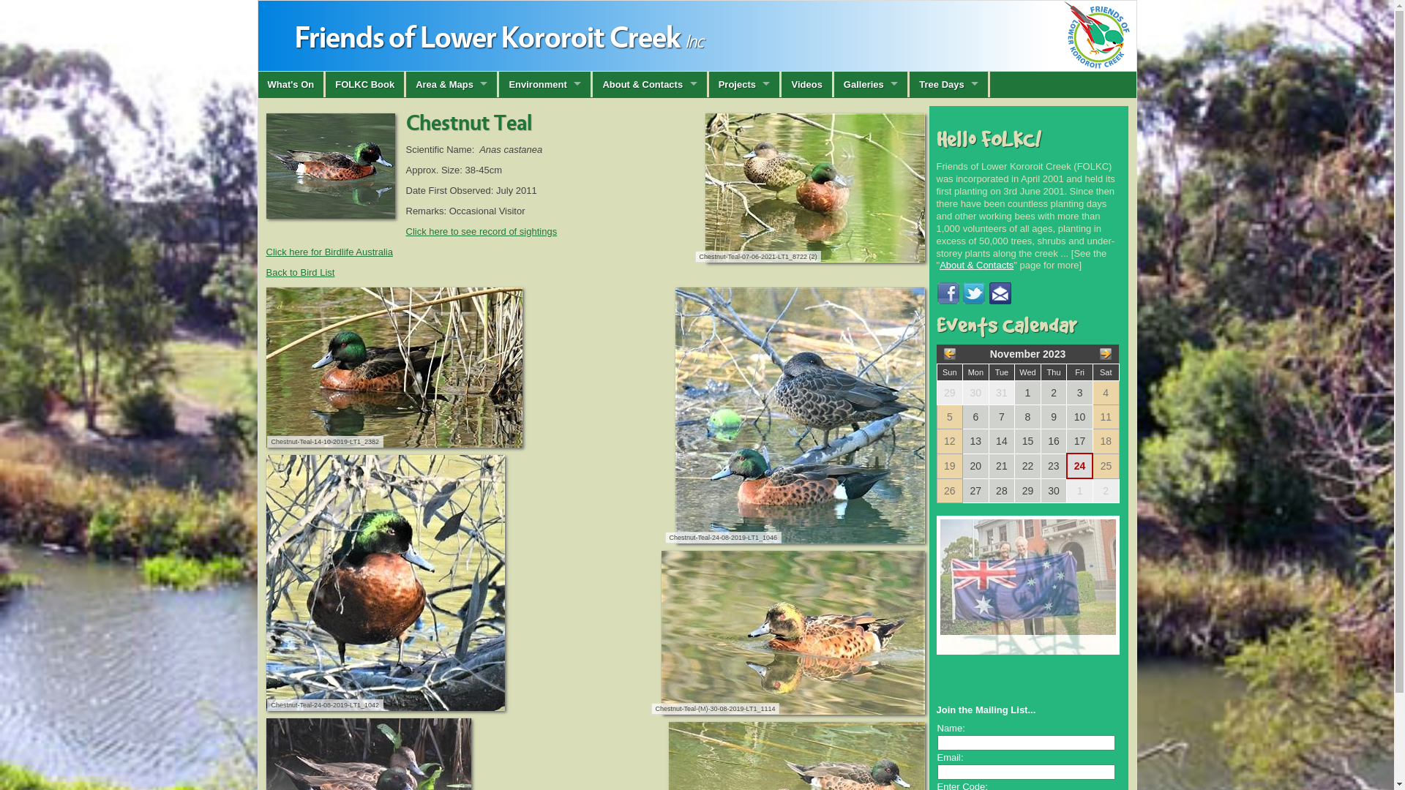 The image size is (1405, 790). What do you see at coordinates (329, 250) in the screenshot?
I see `'Click here for Birdlife Australia'` at bounding box center [329, 250].